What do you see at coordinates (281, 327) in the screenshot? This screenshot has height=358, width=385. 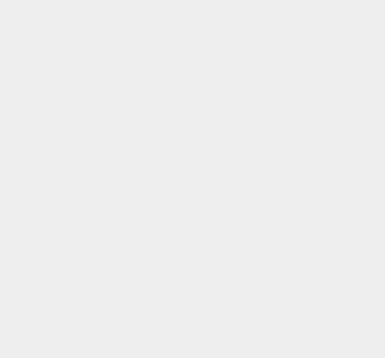 I see `'Currency'` at bounding box center [281, 327].